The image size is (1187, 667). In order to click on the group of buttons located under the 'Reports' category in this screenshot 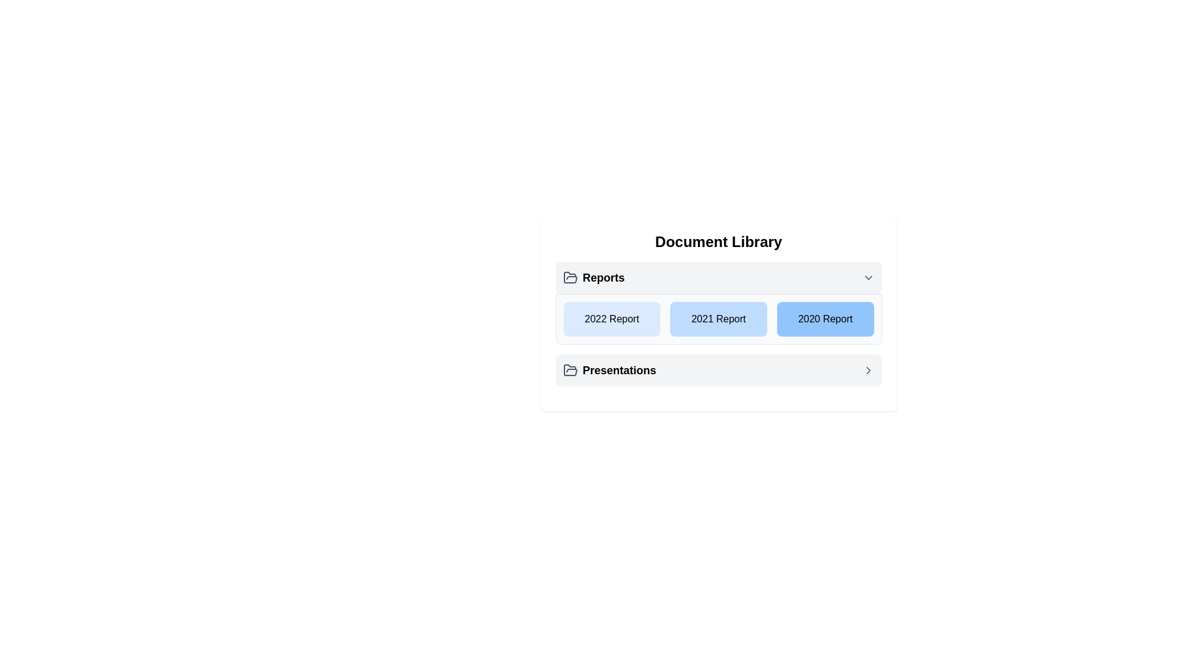, I will do `click(718, 318)`.